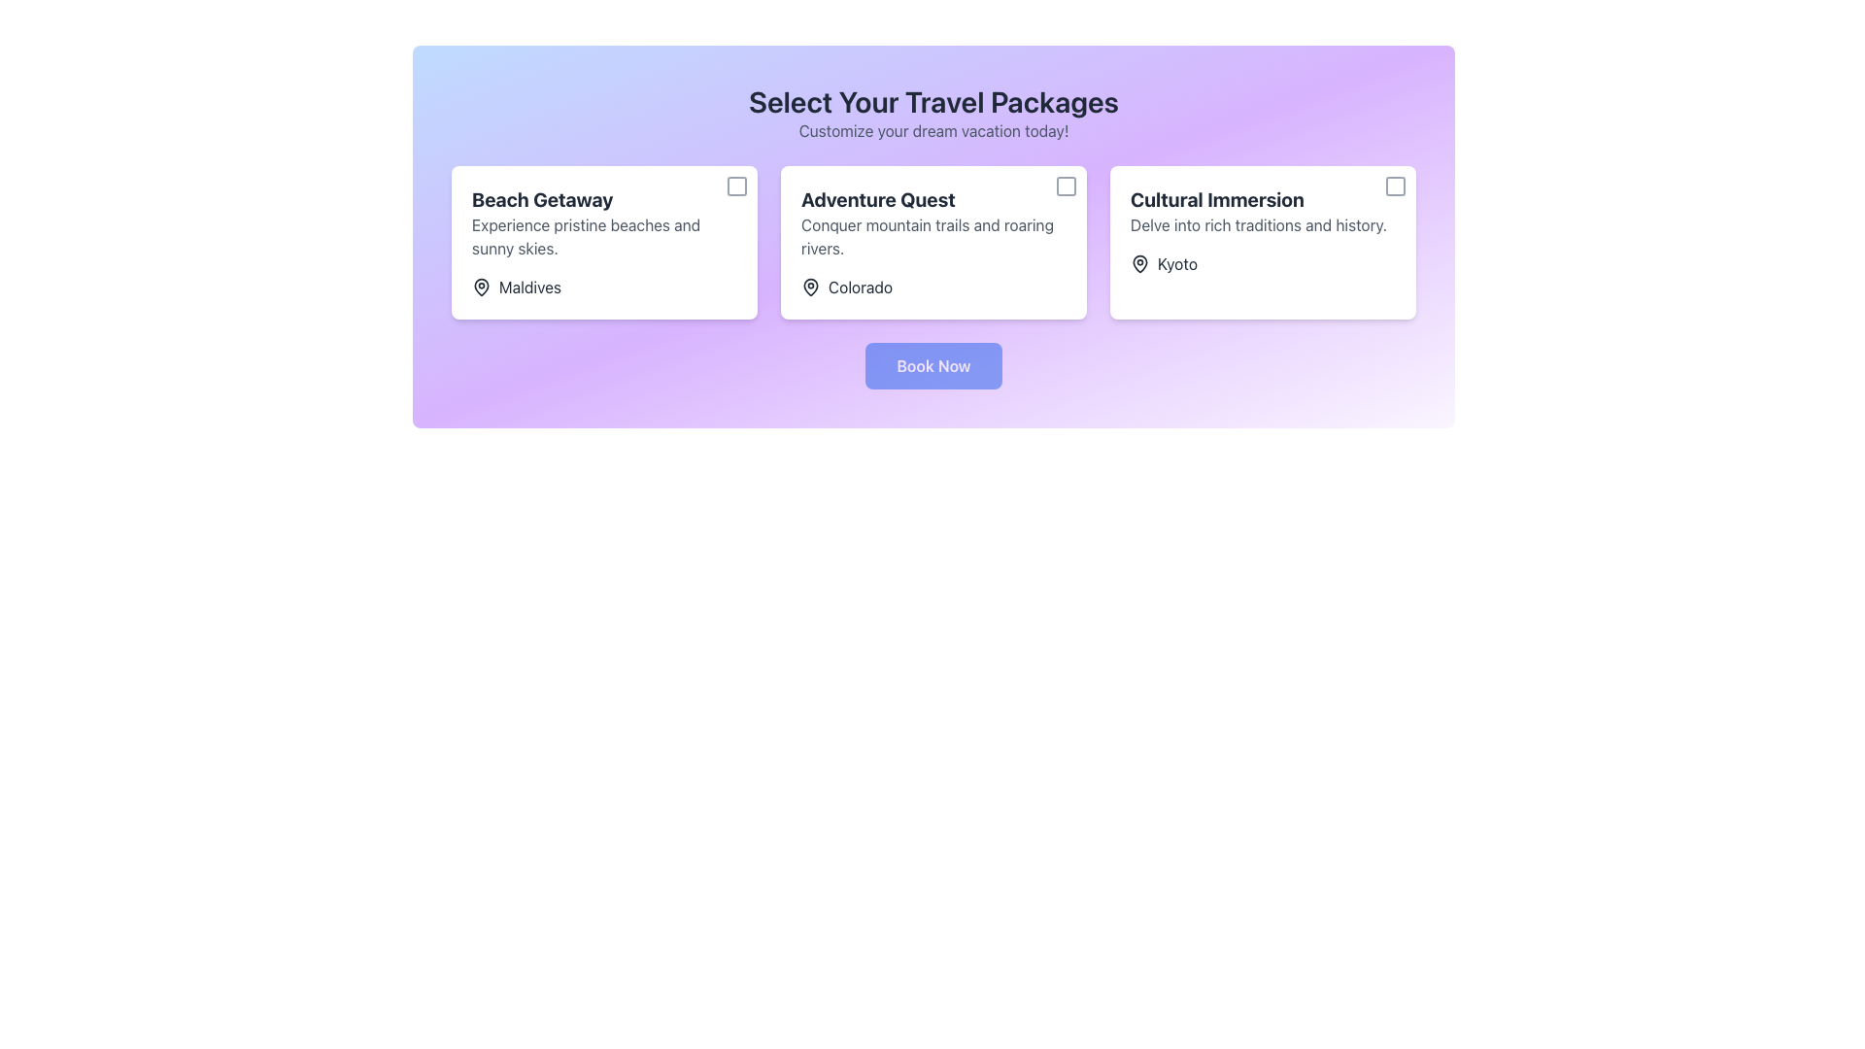 The image size is (1865, 1049). Describe the element at coordinates (735, 186) in the screenshot. I see `the square-shaped visual component located in the top-right corner of the 'Beach Getaway' card` at that location.